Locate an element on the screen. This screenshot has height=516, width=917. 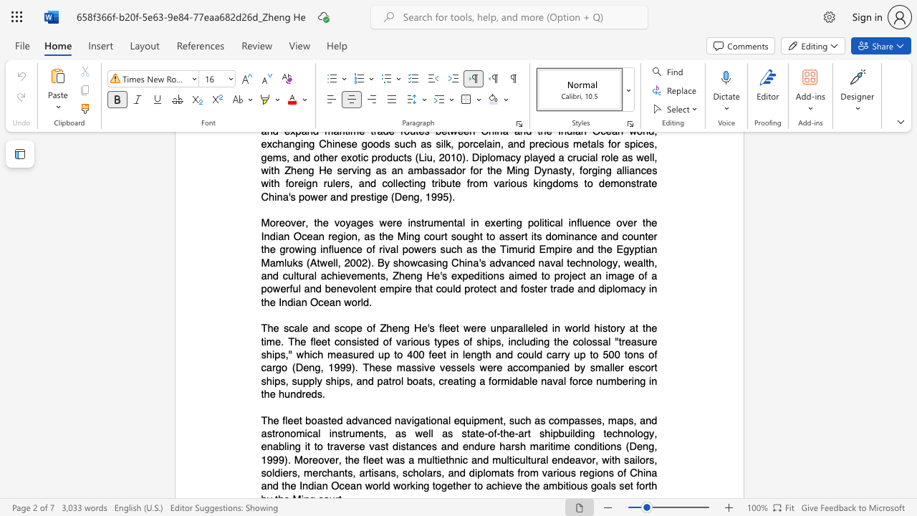
the subset text "ent, such a" within the text "The fleet boasted advanced navigational equipment, such as compasses, maps, and astronomical instruments, as well as" is located at coordinates (488, 419).